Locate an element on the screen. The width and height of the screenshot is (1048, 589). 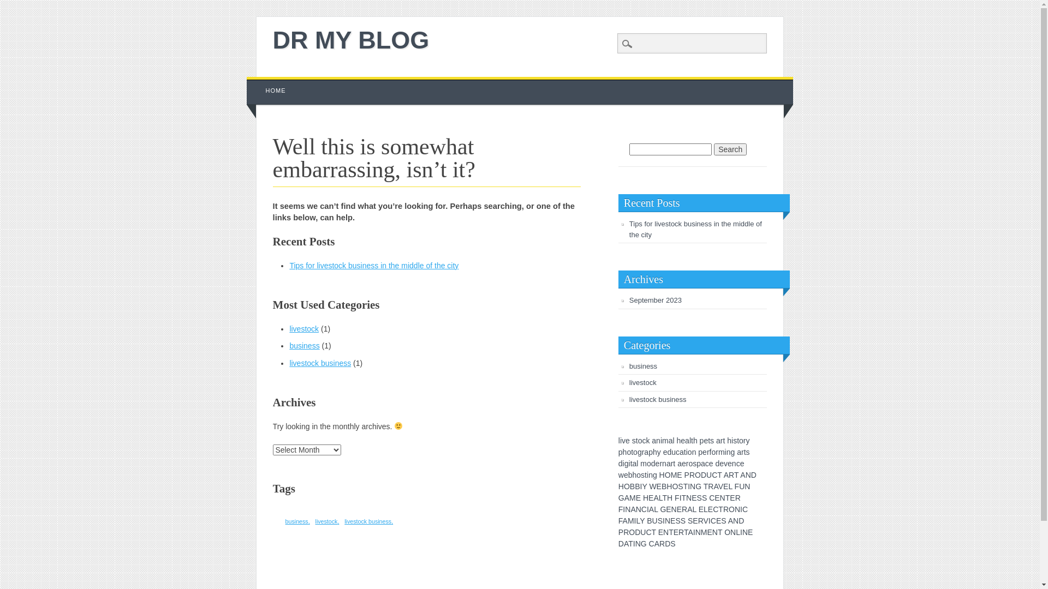
'U' is located at coordinates (709, 474).